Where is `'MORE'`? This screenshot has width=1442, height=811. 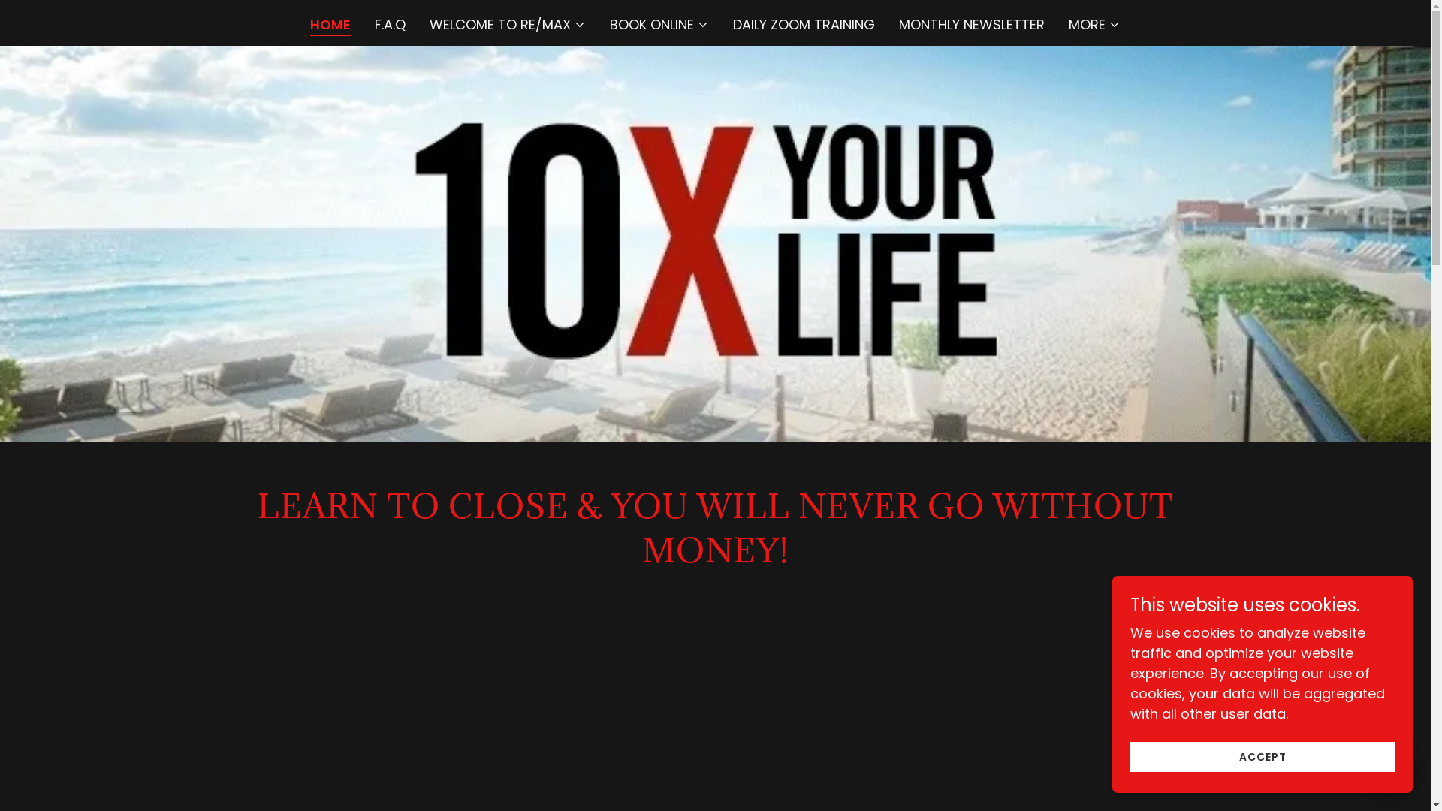 'MORE' is located at coordinates (1094, 25).